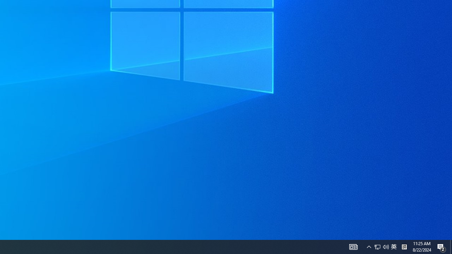  I want to click on 'Action Center, 2 new notifications', so click(441, 246).